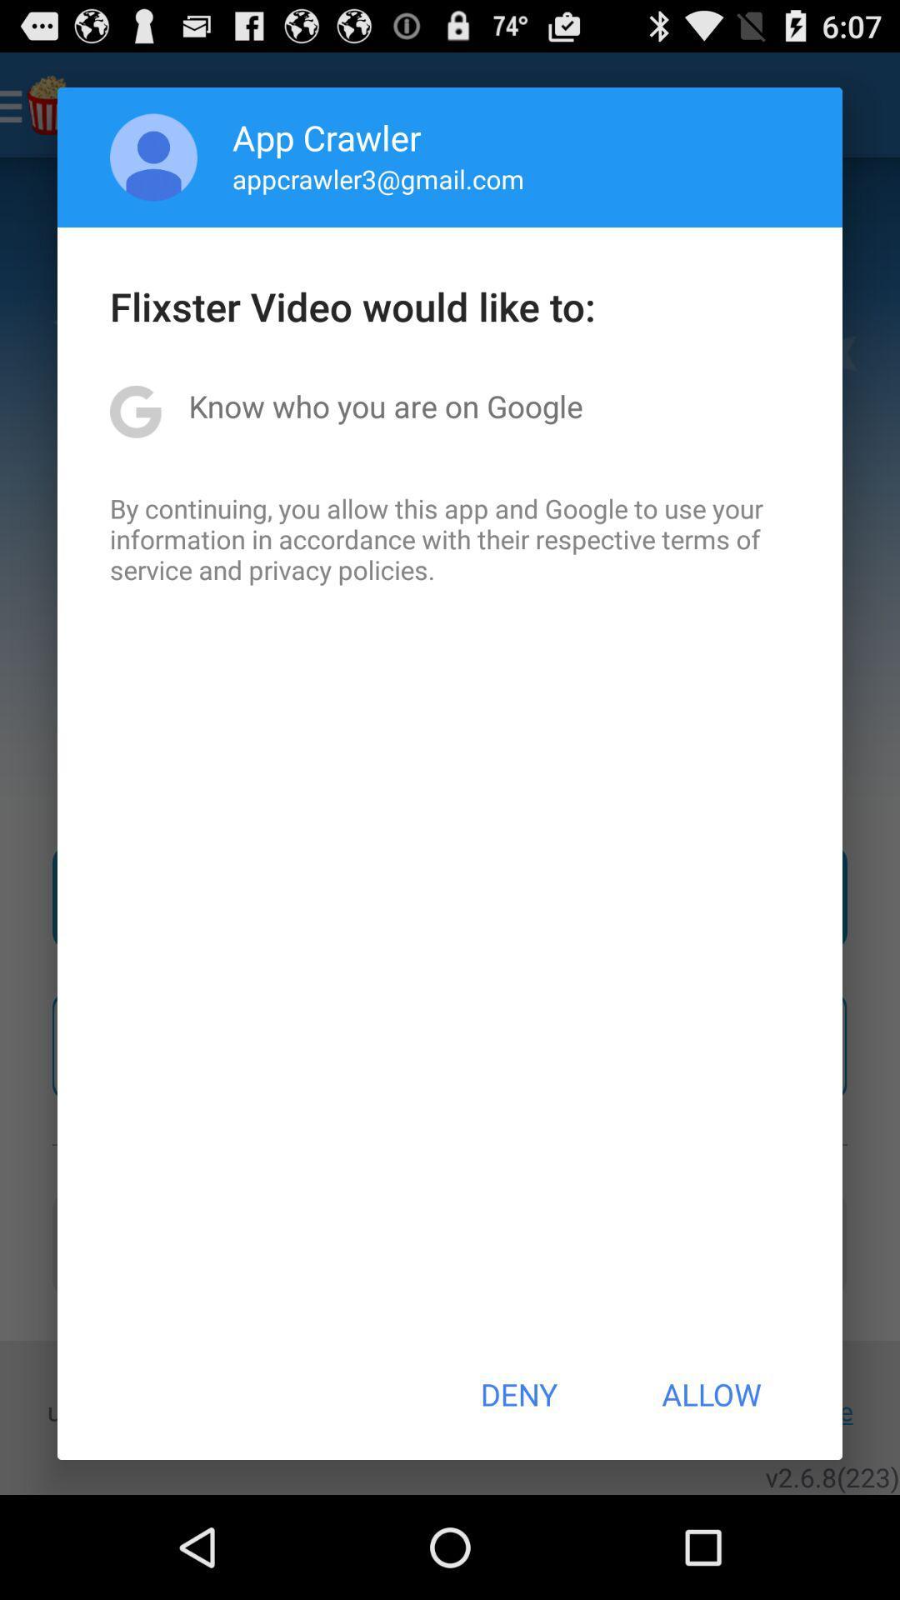  I want to click on the know who you item, so click(386, 406).